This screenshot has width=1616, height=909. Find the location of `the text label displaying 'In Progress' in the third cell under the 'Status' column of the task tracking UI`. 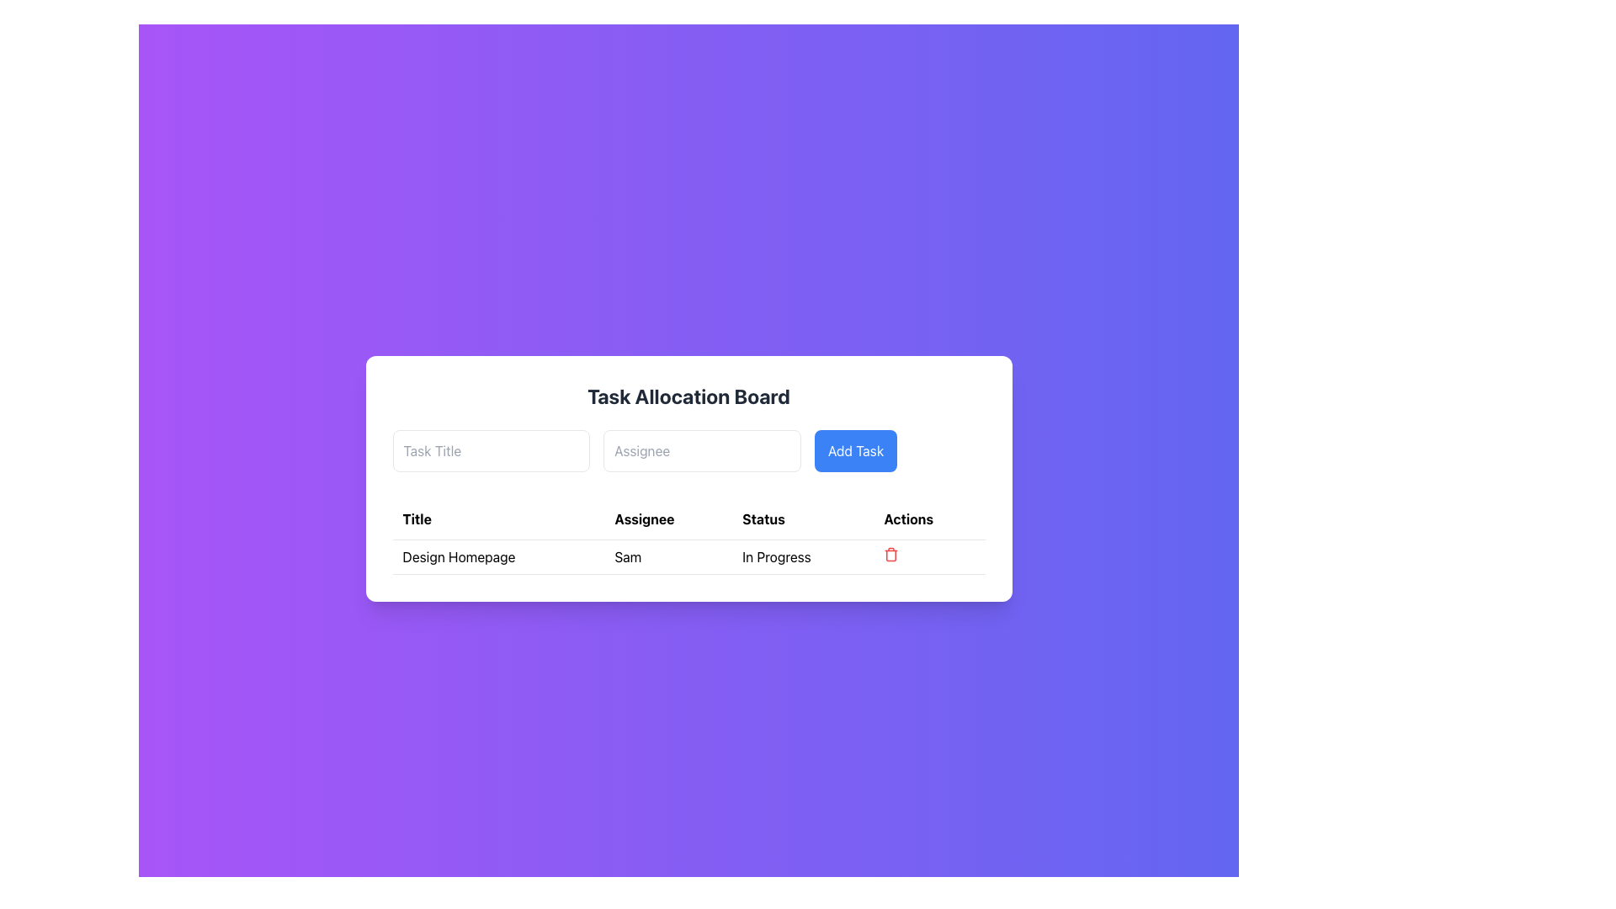

the text label displaying 'In Progress' in the third cell under the 'Status' column of the task tracking UI is located at coordinates (802, 557).